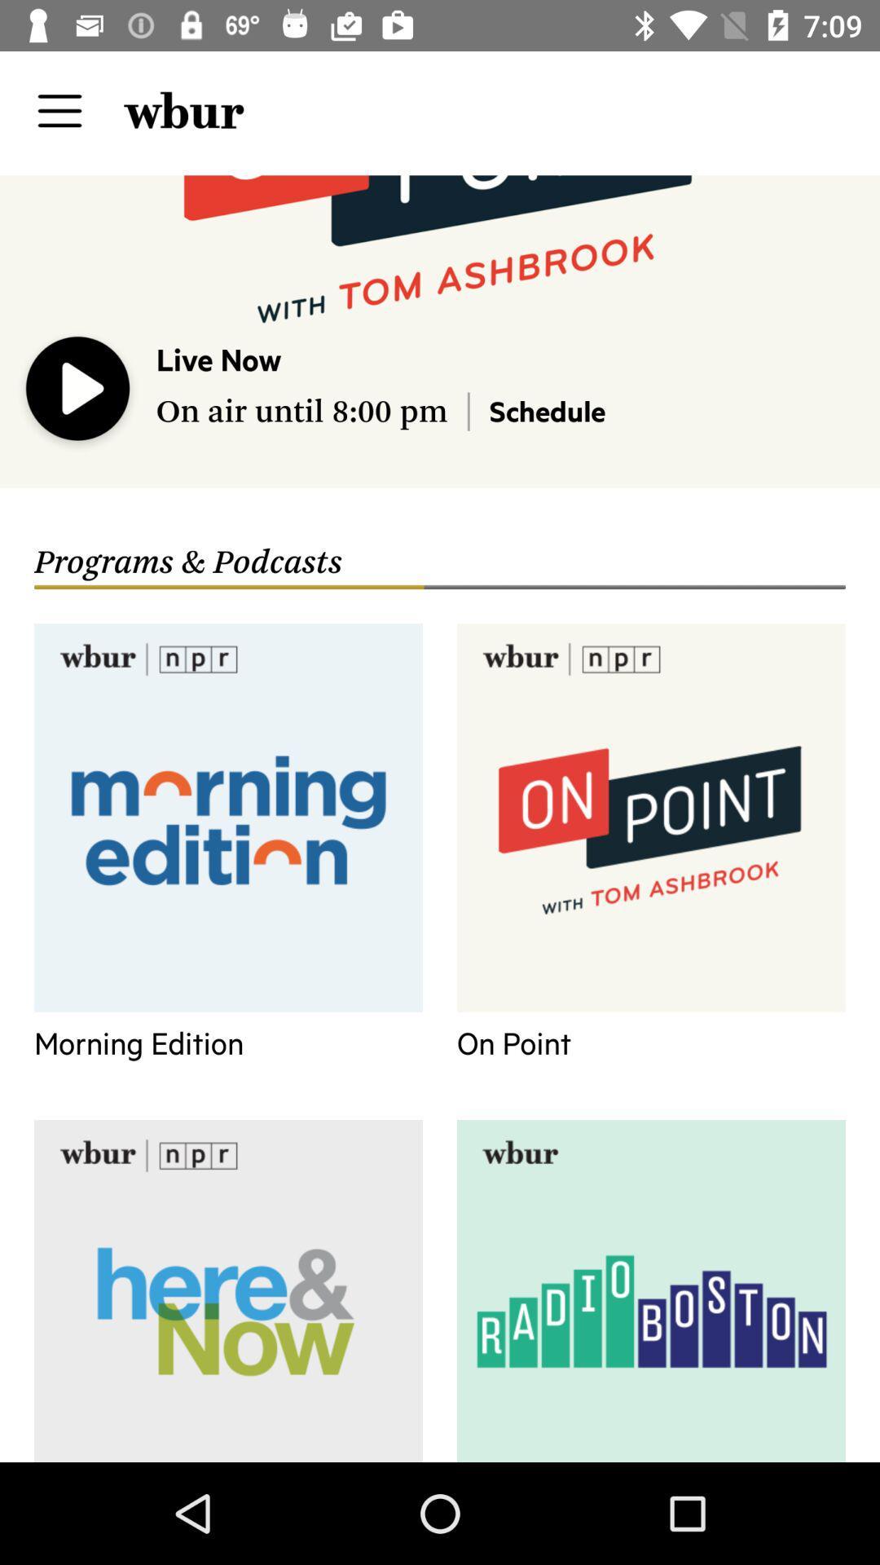  I want to click on the play icon, so click(78, 392).